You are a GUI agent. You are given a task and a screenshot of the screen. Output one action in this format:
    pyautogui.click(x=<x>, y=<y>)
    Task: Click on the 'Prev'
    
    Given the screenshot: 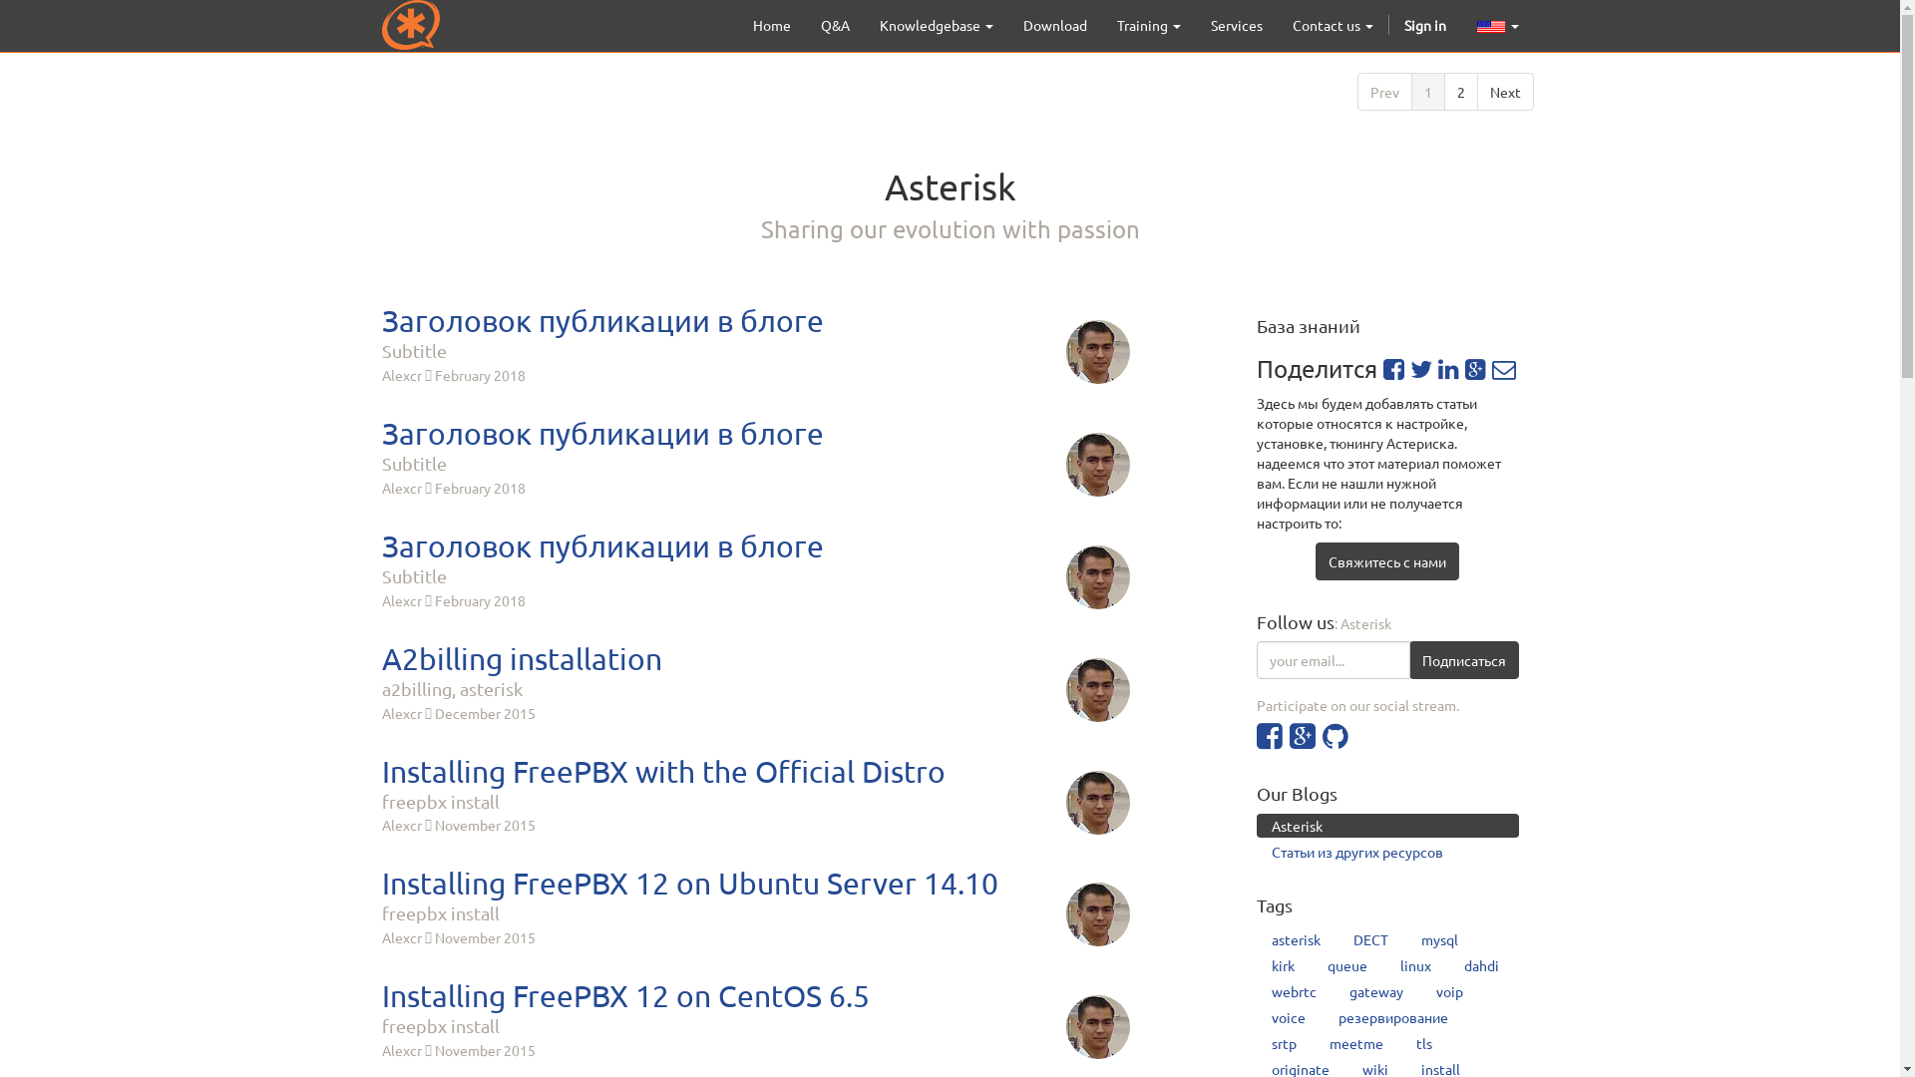 What is the action you would take?
    pyautogui.click(x=1382, y=92)
    